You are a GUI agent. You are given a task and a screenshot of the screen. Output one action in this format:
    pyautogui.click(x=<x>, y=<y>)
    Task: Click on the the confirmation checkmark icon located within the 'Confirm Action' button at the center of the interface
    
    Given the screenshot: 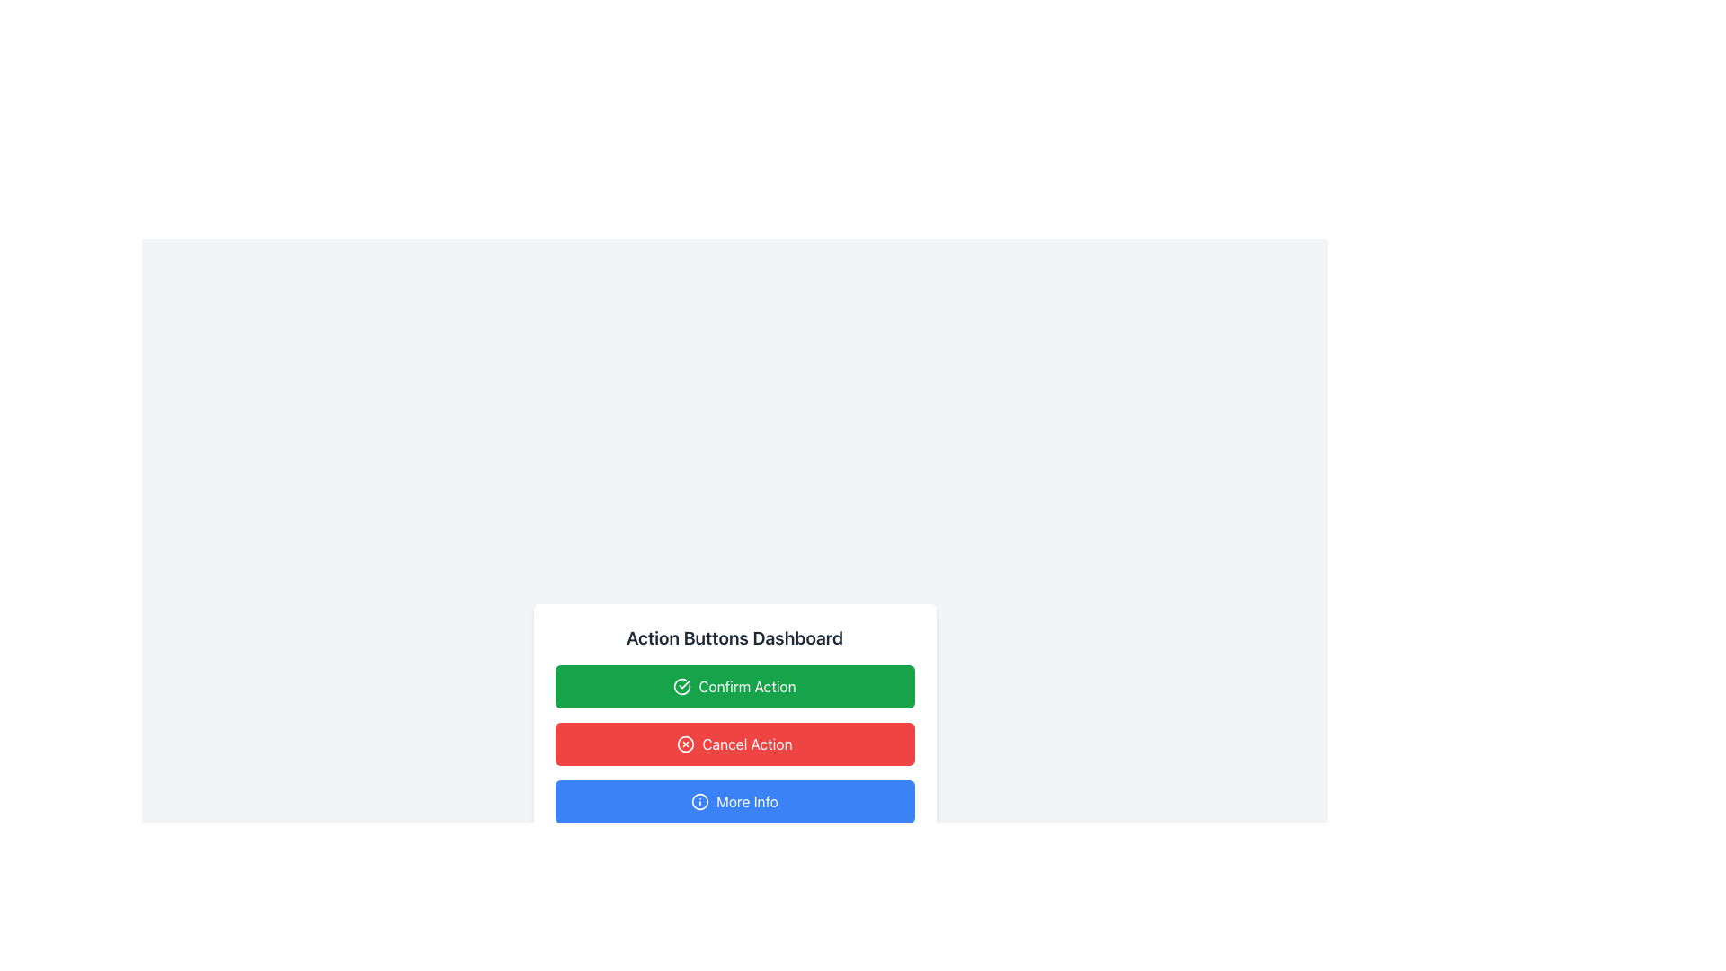 What is the action you would take?
    pyautogui.click(x=681, y=686)
    